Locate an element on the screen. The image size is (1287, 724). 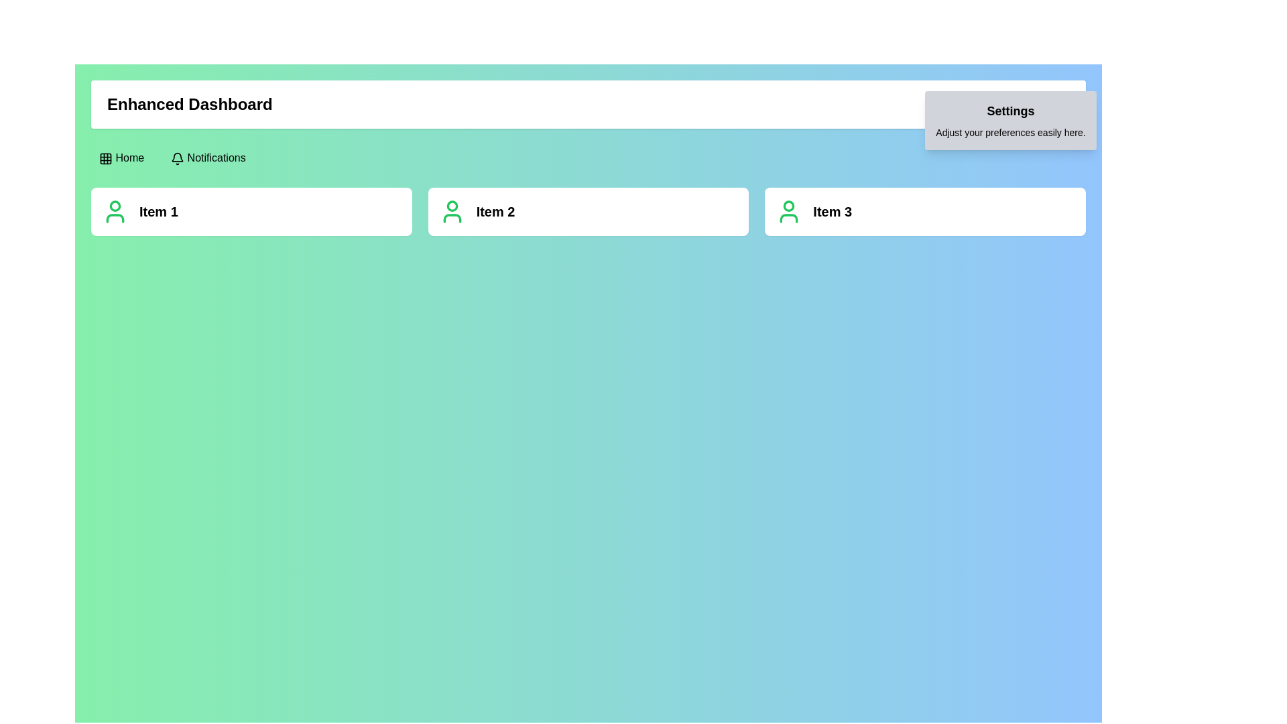
the hollow interior portion of the outlined bell icon located adjacent to the 'Notifications' label in the top navigation bar is located at coordinates (177, 156).